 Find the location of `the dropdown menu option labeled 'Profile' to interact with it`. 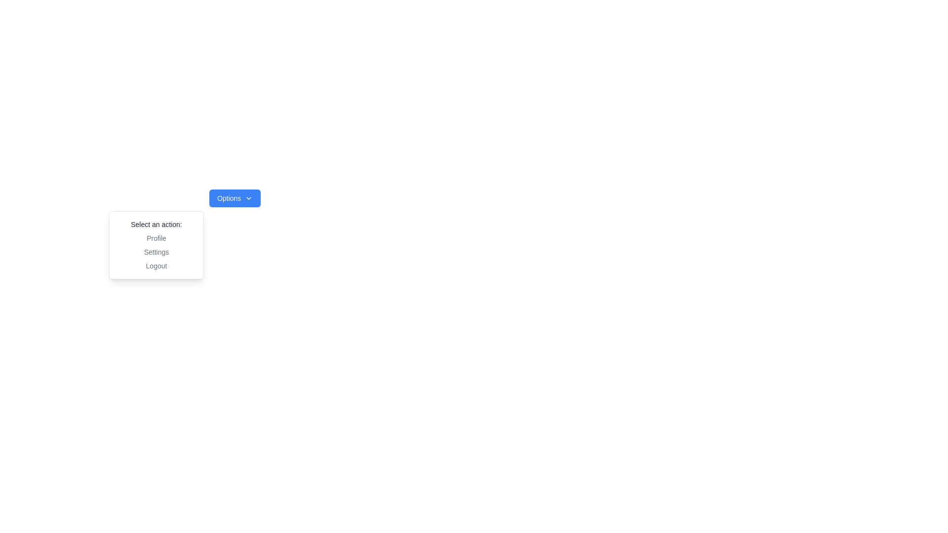

the dropdown menu option labeled 'Profile' to interact with it is located at coordinates (156, 245).